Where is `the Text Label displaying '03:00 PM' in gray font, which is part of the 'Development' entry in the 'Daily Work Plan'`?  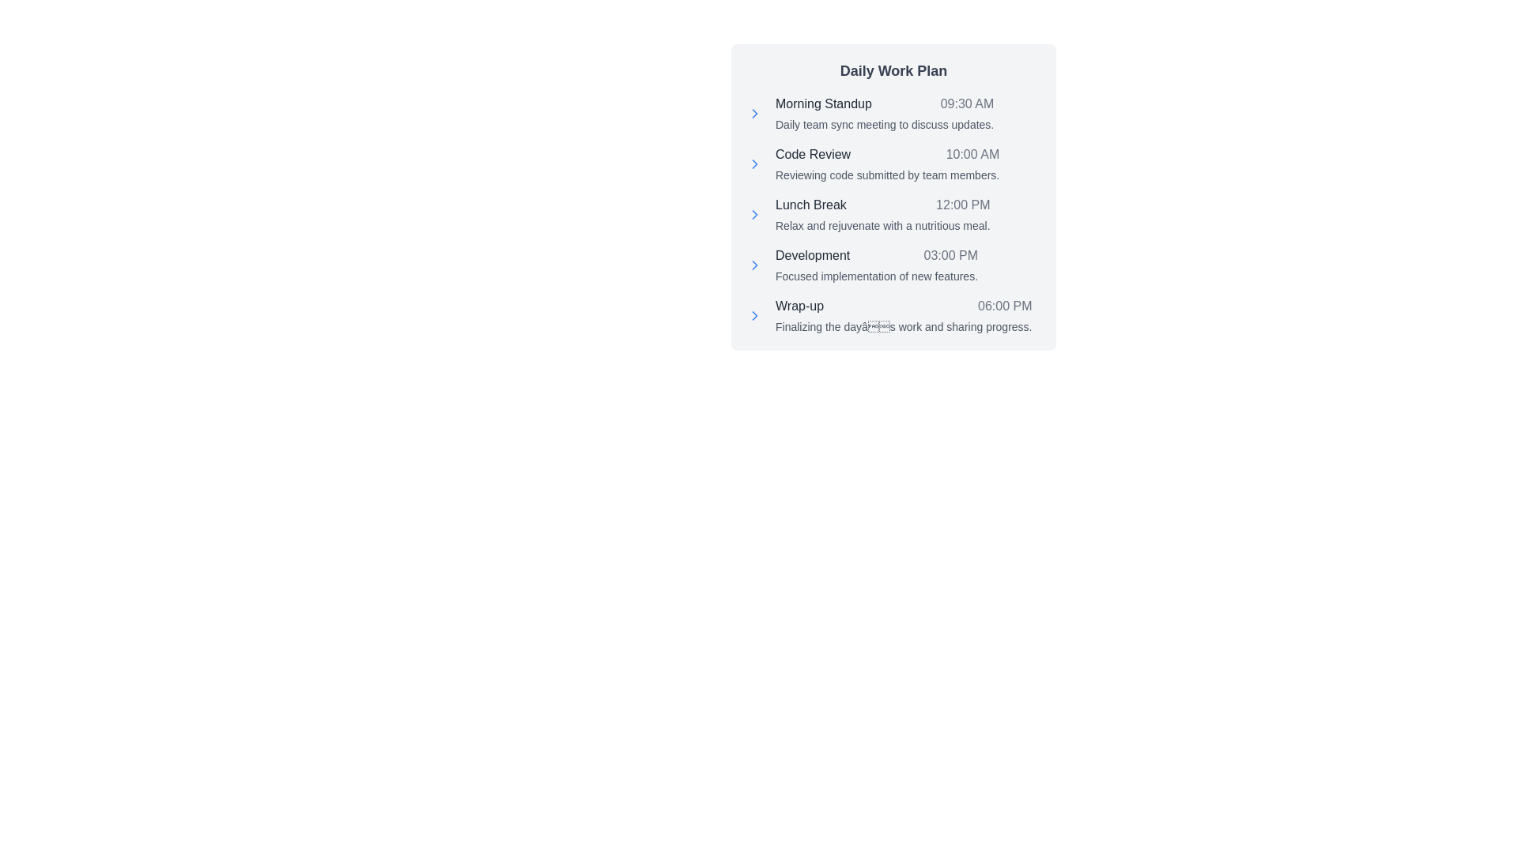
the Text Label displaying '03:00 PM' in gray font, which is part of the 'Development' entry in the 'Daily Work Plan' is located at coordinates (950, 255).